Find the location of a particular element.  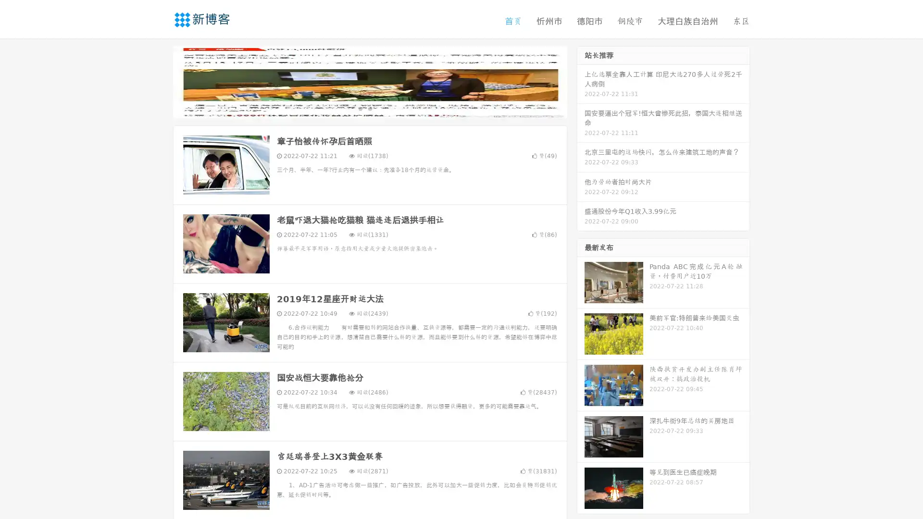

Go to slide 3 is located at coordinates (379, 108).